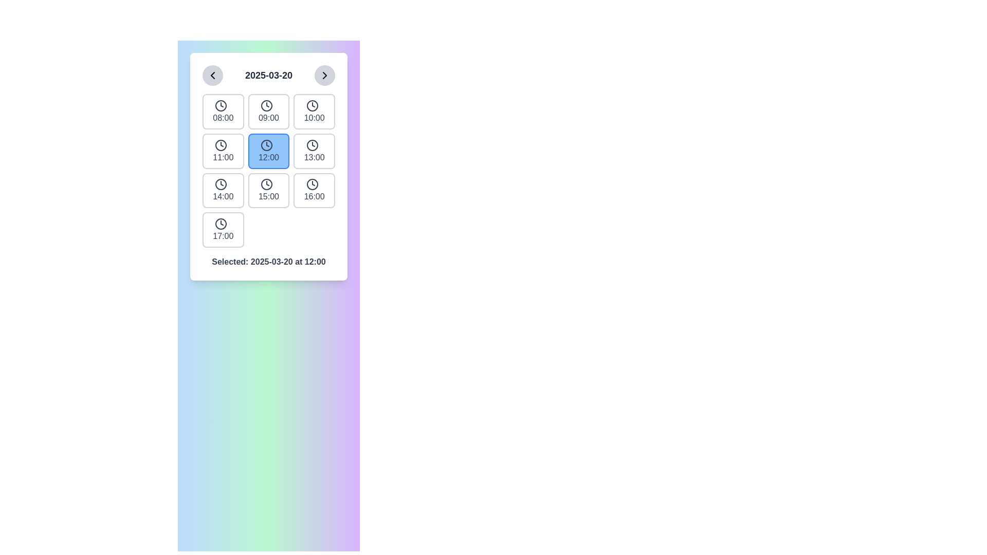 Image resolution: width=987 pixels, height=555 pixels. I want to click on the circular icon representing the clock face for the time slot '13:00', which is located in the second cell of the third row of the grid layout, so click(312, 145).